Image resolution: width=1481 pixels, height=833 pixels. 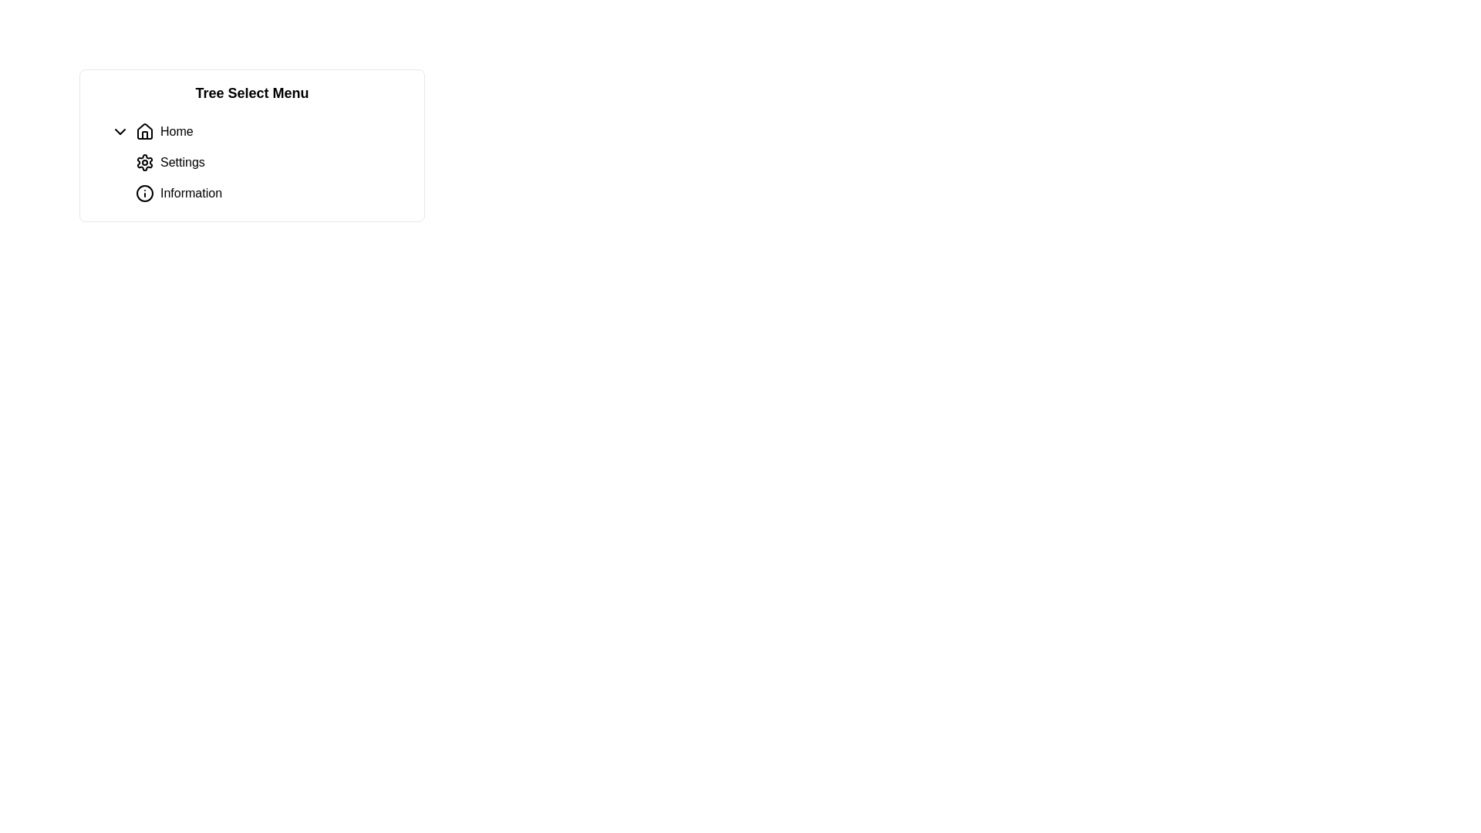 I want to click on the 'Home' menu icon, which is the first icon to the right of the dropdown arrow in the vertical menu, so click(x=144, y=130).